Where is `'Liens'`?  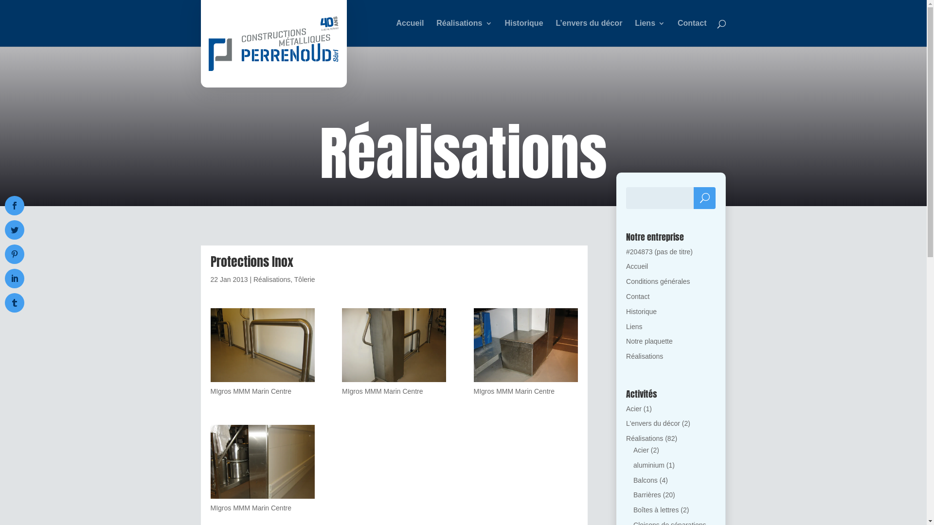
'Liens' is located at coordinates (634, 326).